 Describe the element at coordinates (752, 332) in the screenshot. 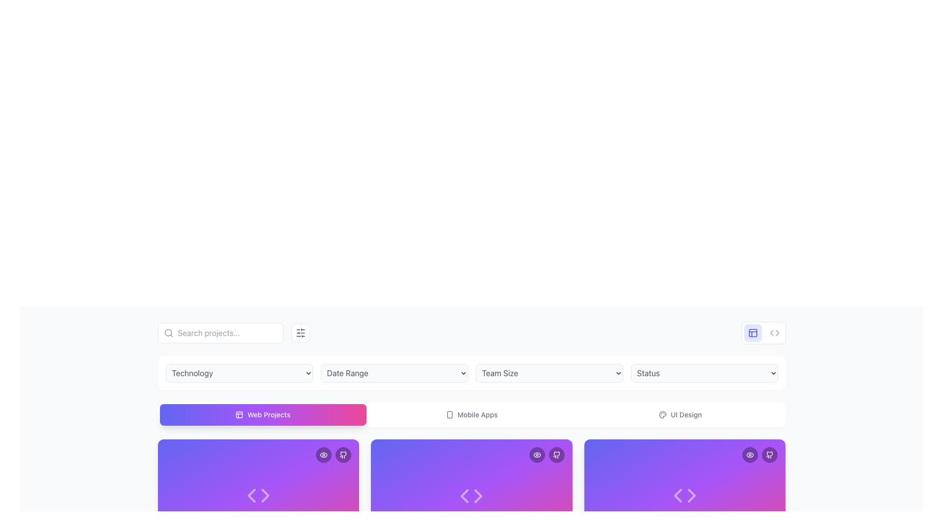

I see `the SVG-based icon located in the top right corner of the interface` at that location.